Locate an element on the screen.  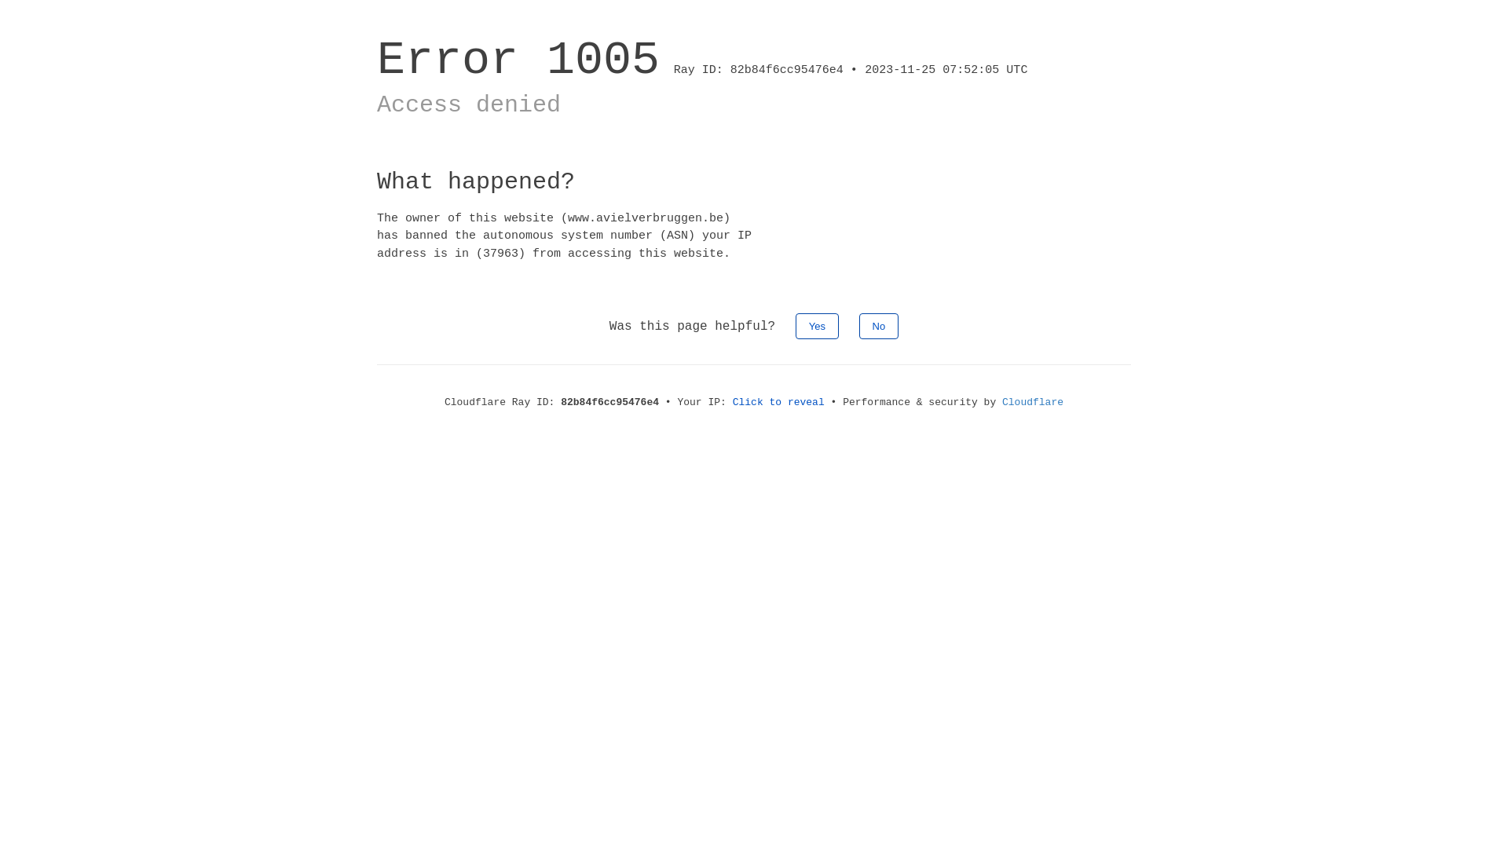
'Cloudflare' is located at coordinates (1033, 401).